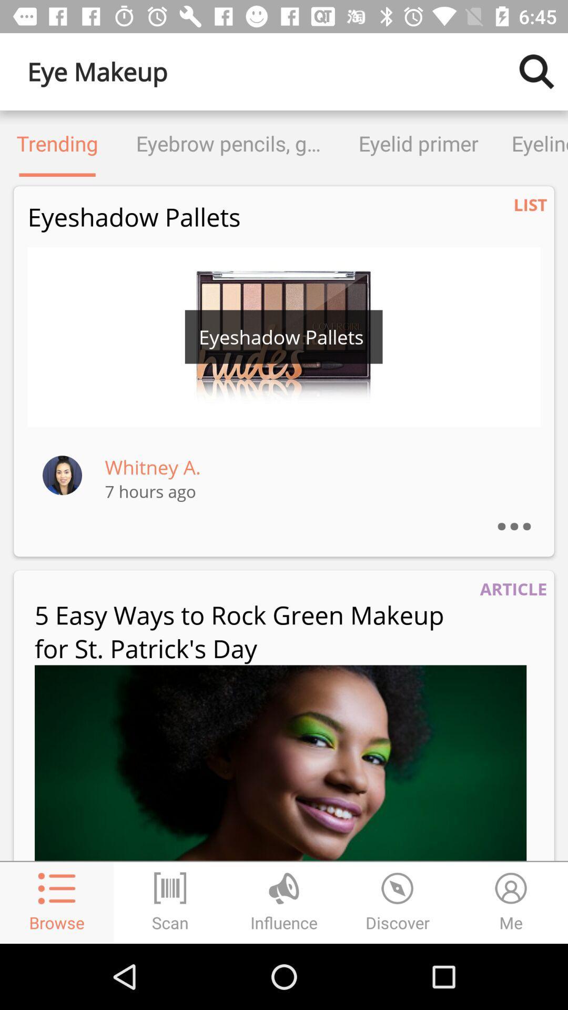 Image resolution: width=568 pixels, height=1010 pixels. Describe the element at coordinates (536, 71) in the screenshot. I see `to search` at that location.